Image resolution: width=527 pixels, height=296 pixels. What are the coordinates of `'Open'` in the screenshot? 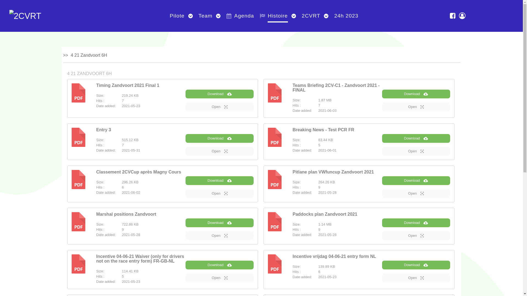 It's located at (220, 235).